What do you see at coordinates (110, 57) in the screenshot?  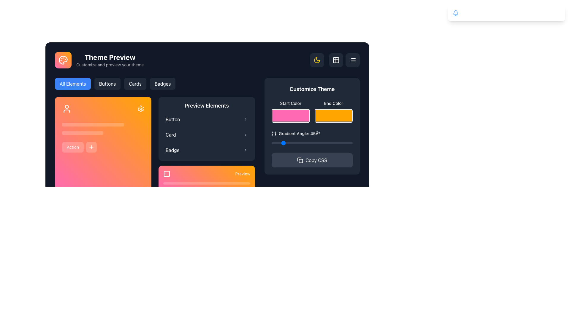 I see `the prominent 'Theme Preview' text label, which is displayed in a bold, large white font against a dark background, located near the top left corner of the layout` at bounding box center [110, 57].